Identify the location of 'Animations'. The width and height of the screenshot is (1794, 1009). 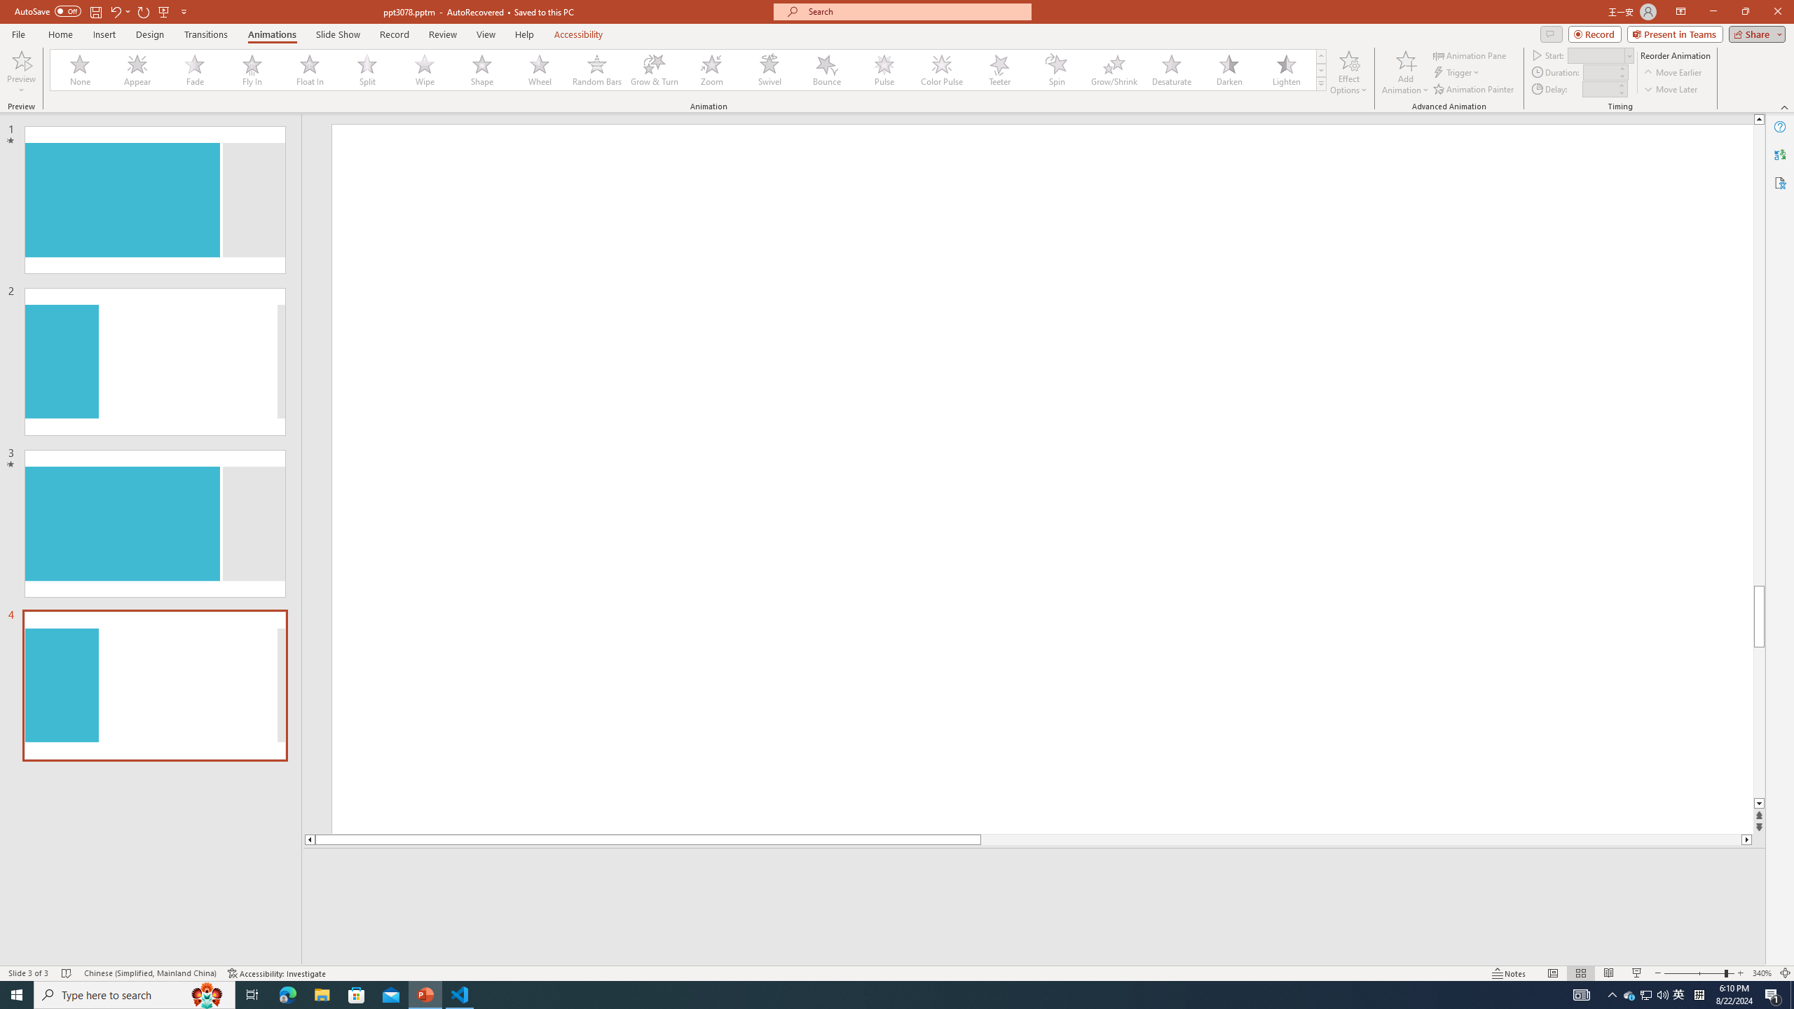
(271, 34).